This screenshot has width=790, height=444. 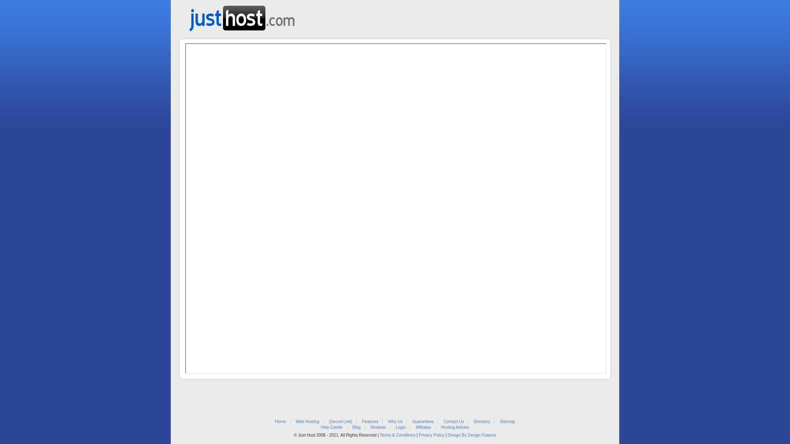 I want to click on 'Why Us', so click(x=387, y=421).